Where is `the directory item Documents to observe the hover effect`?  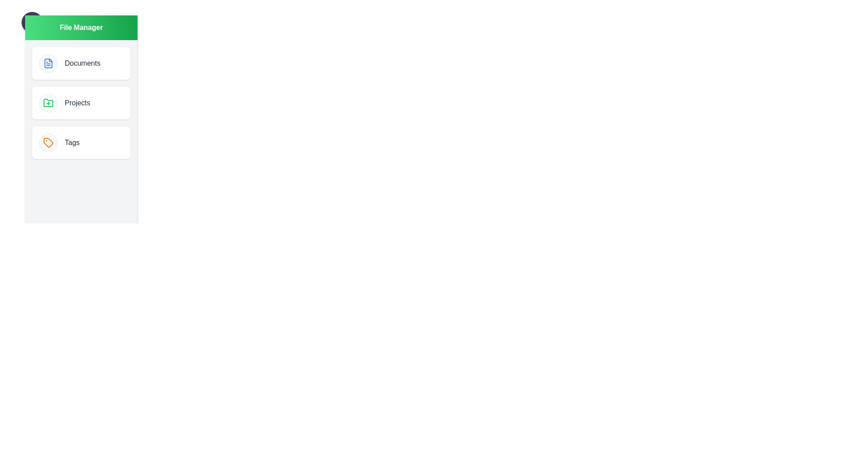
the directory item Documents to observe the hover effect is located at coordinates (81, 63).